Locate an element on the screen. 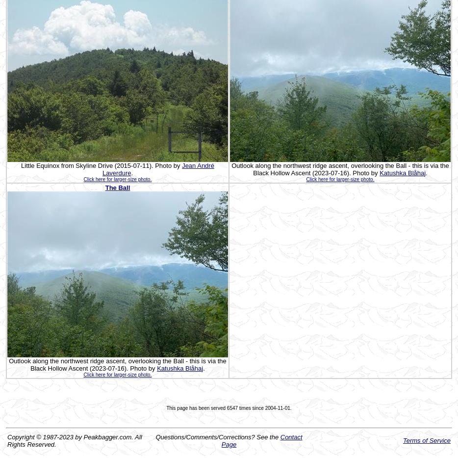 The height and width of the screenshot is (458, 458). 'Terms of Service' is located at coordinates (426, 440).